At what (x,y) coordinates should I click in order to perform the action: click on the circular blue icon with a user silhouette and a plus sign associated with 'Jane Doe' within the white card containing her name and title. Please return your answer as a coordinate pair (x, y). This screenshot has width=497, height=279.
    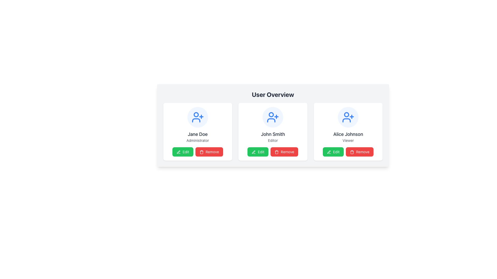
    Looking at the image, I should click on (197, 117).